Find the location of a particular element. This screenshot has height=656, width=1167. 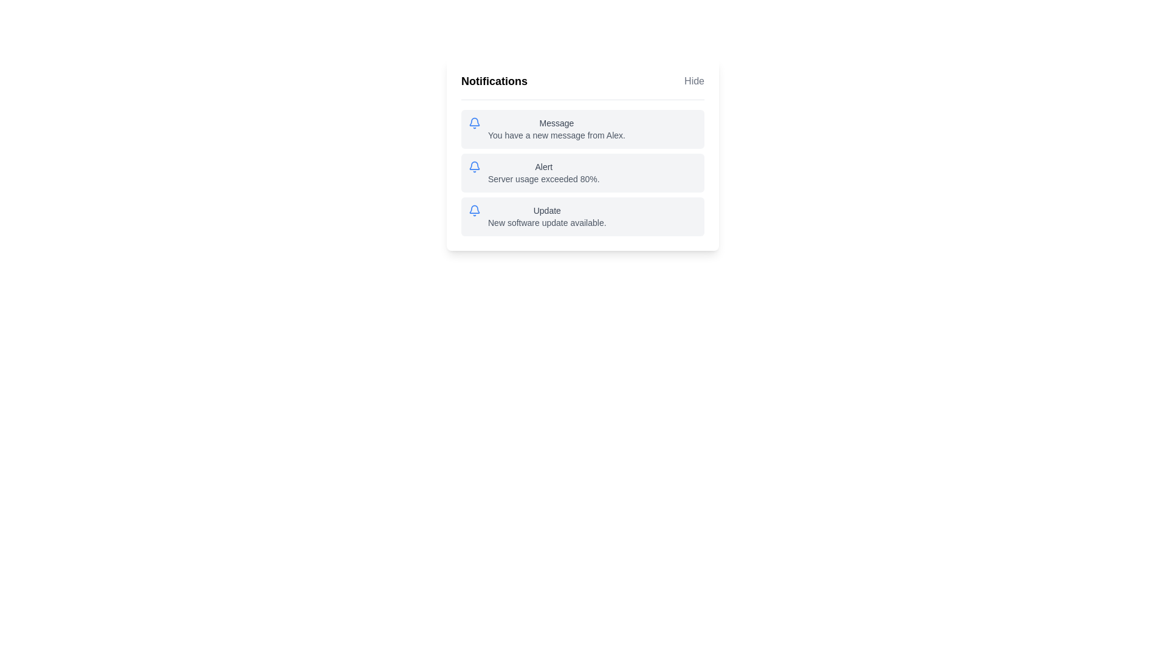

the non-interactive Text label that provides information about server usage status exceeding 80%, located below the title 'Alert' within the second notification card is located at coordinates (543, 179).